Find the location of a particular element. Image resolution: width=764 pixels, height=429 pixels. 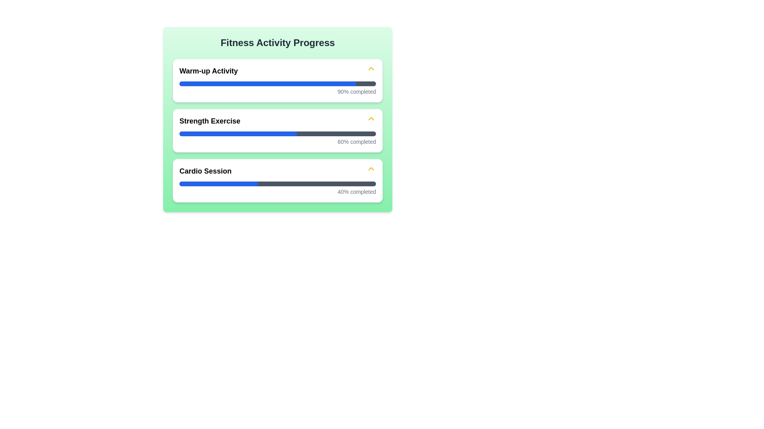

the horizontal progress bar located within the 'Warm-up Activity' card, which is visually represented by a gray background with a blue filled portion indicating progress is located at coordinates (277, 84).